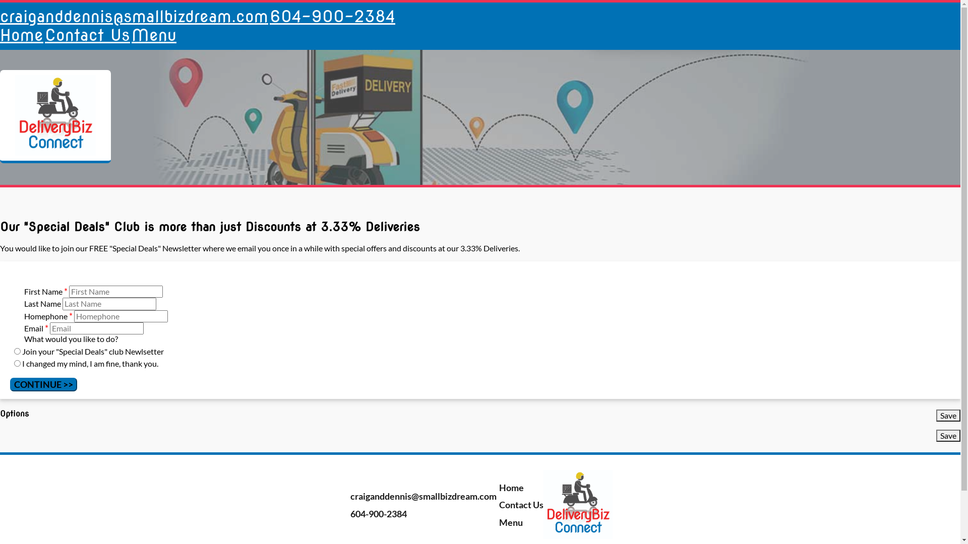  What do you see at coordinates (22, 34) in the screenshot?
I see `'Home'` at bounding box center [22, 34].